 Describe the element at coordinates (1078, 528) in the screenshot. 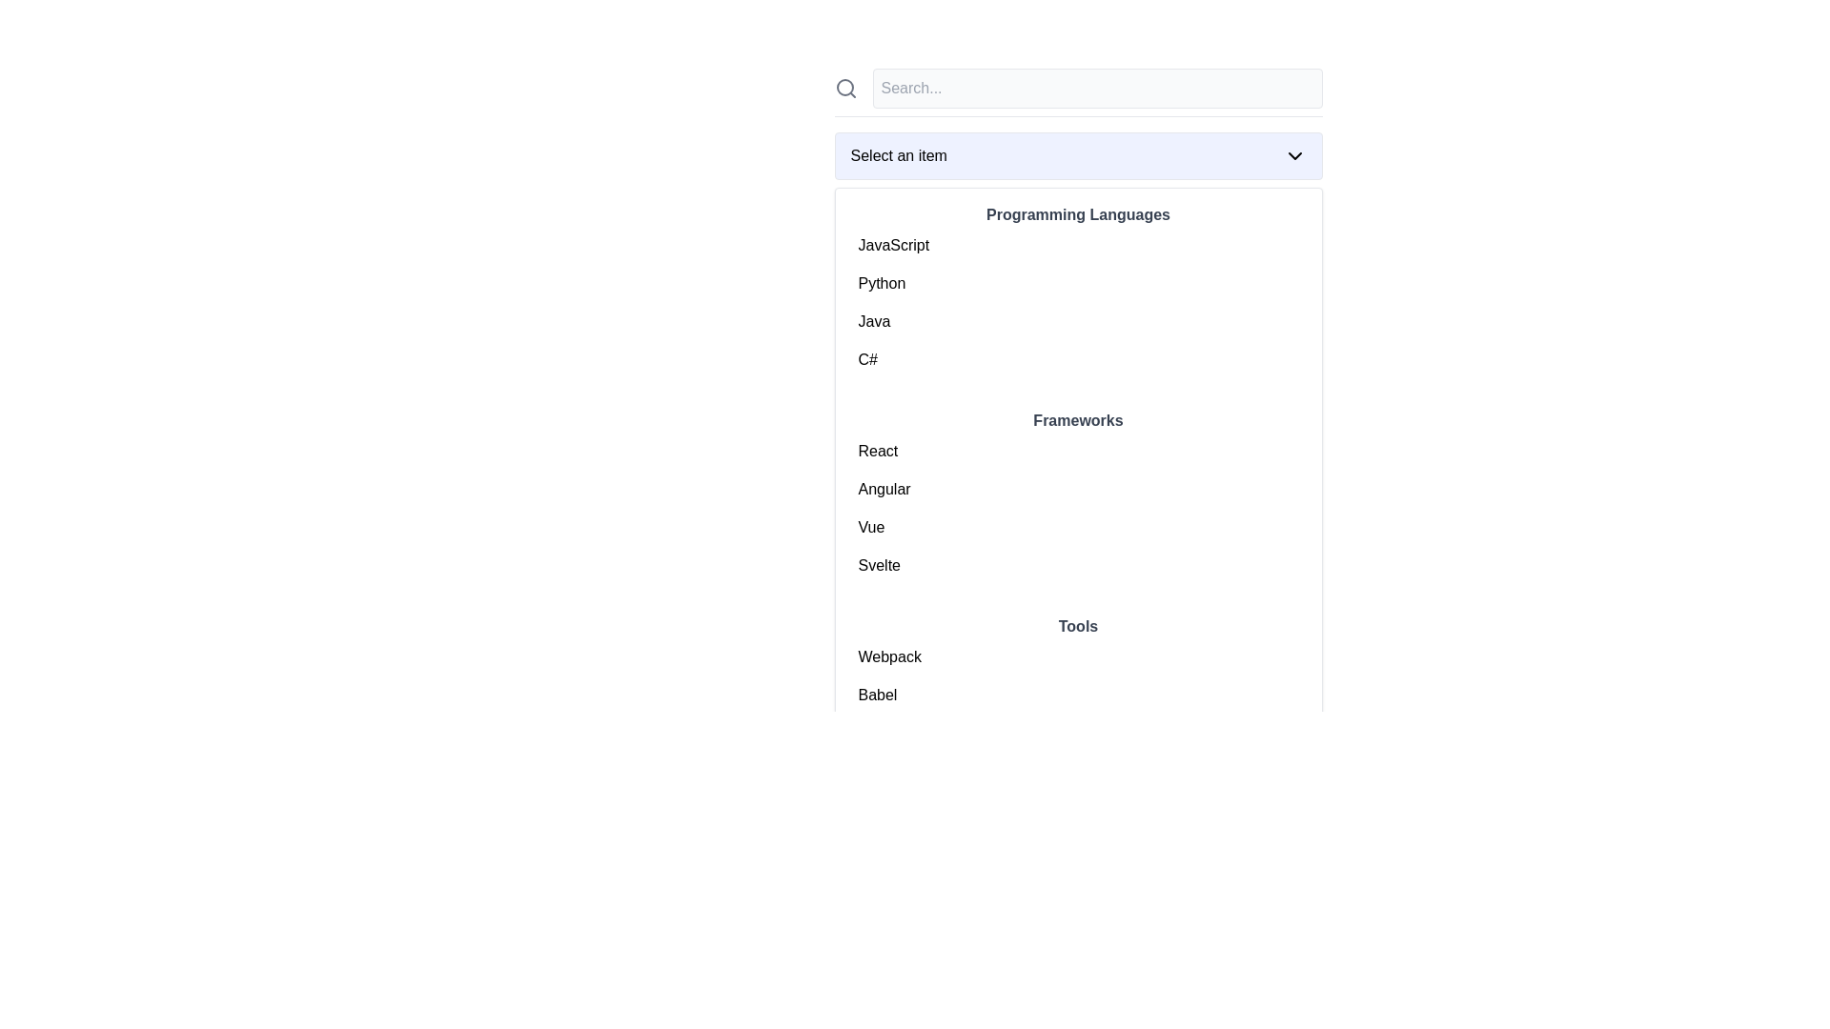

I see `on the third list item labeled 'Vue' in the Frameworks category` at that location.